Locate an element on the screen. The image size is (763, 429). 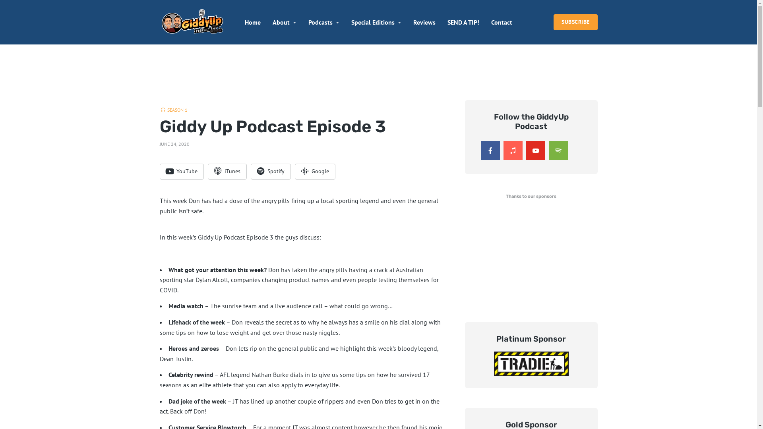
'Podcasts' is located at coordinates (308, 22).